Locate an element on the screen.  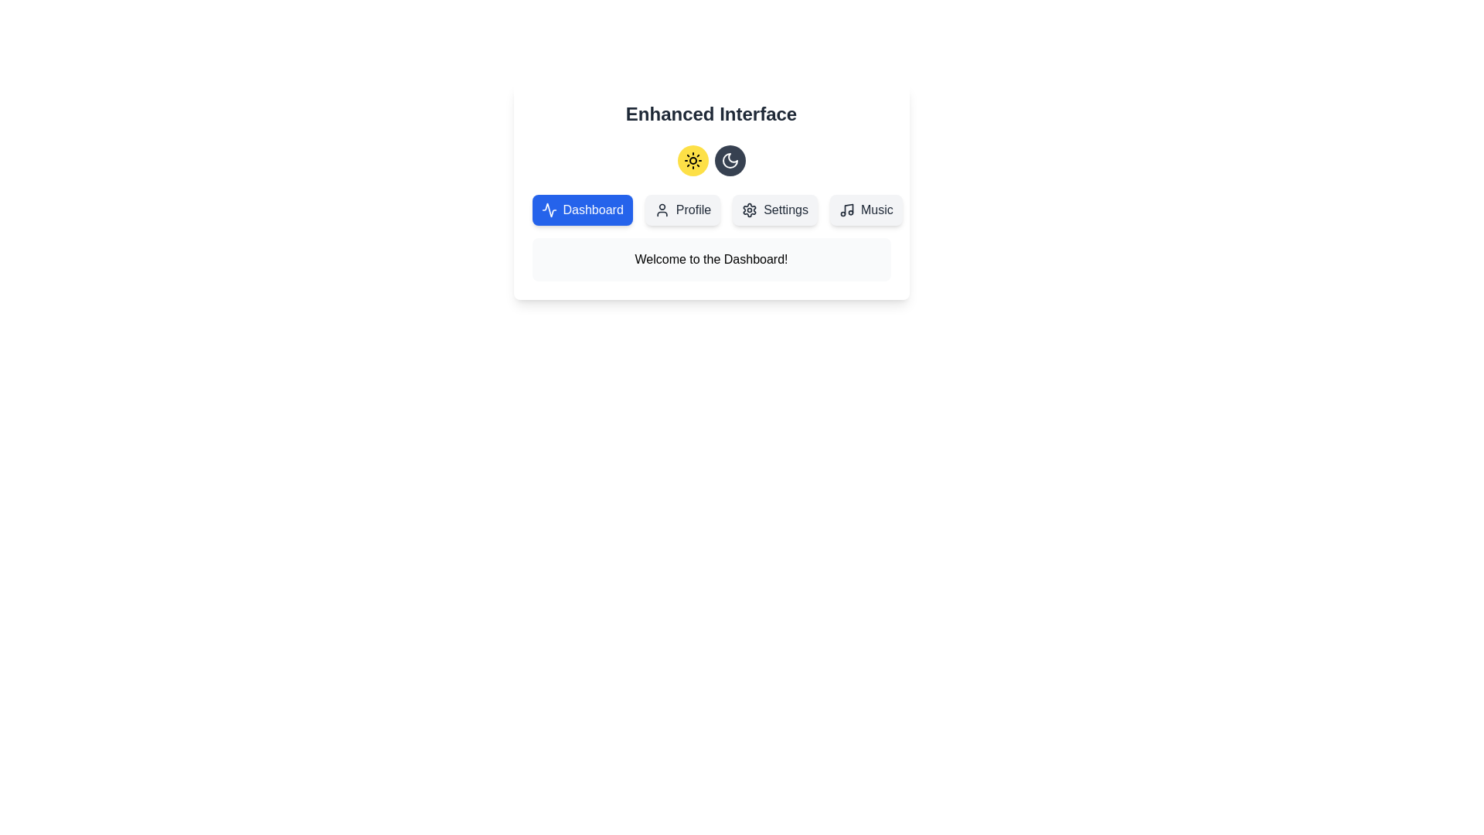
the profile button, which is the second button in the horizontal navigation row is located at coordinates (682, 210).